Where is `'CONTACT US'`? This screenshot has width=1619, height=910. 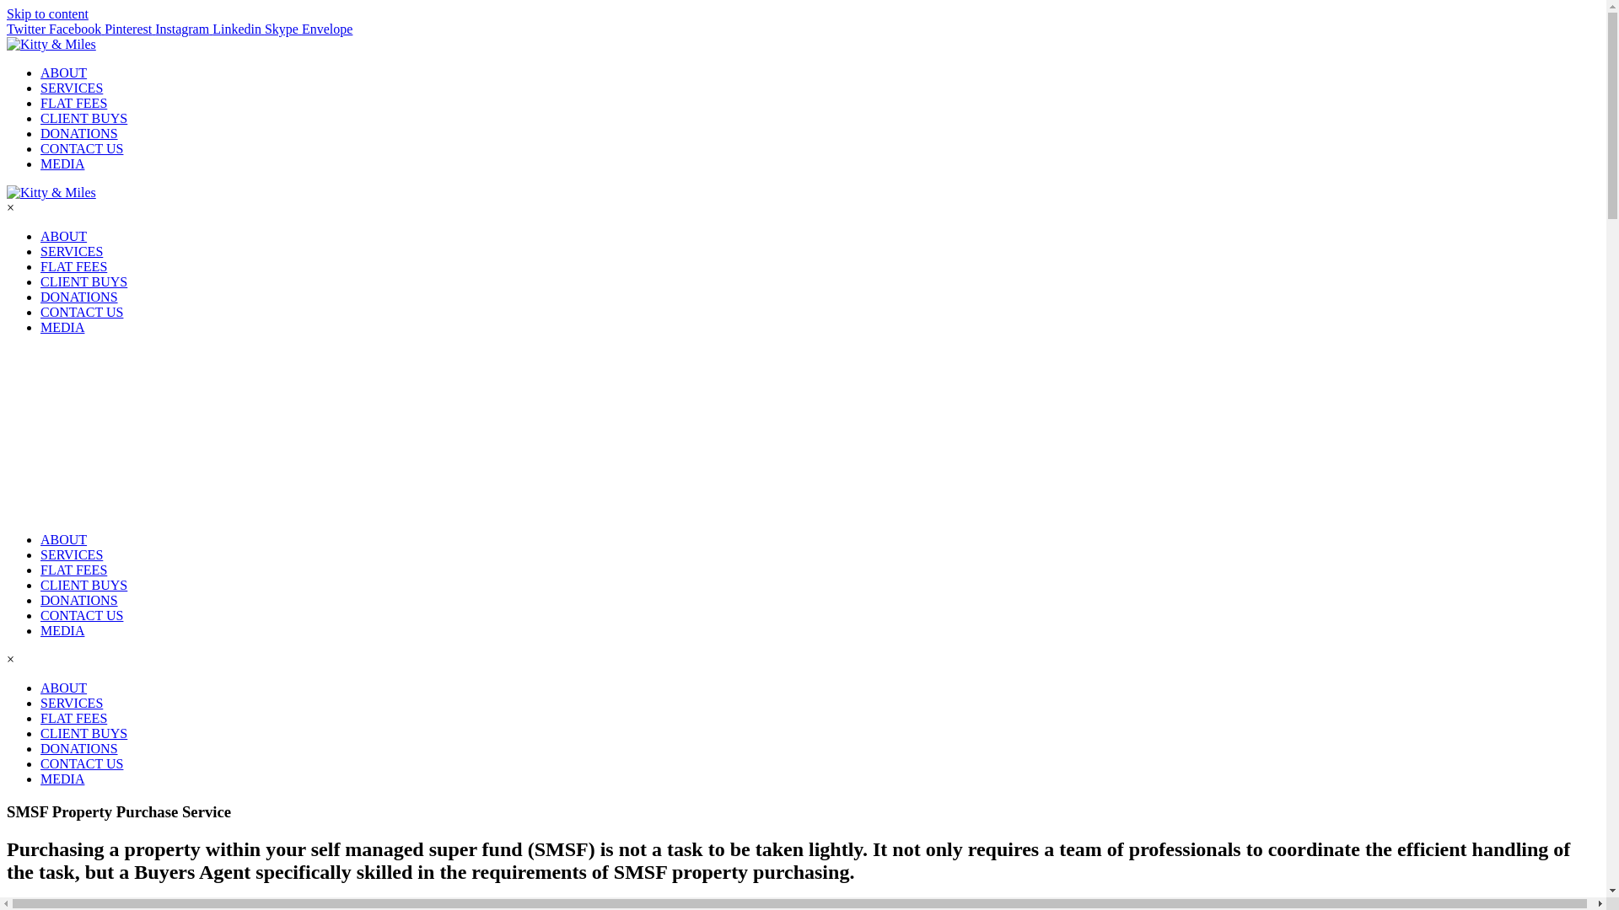 'CONTACT US' is located at coordinates (80, 615).